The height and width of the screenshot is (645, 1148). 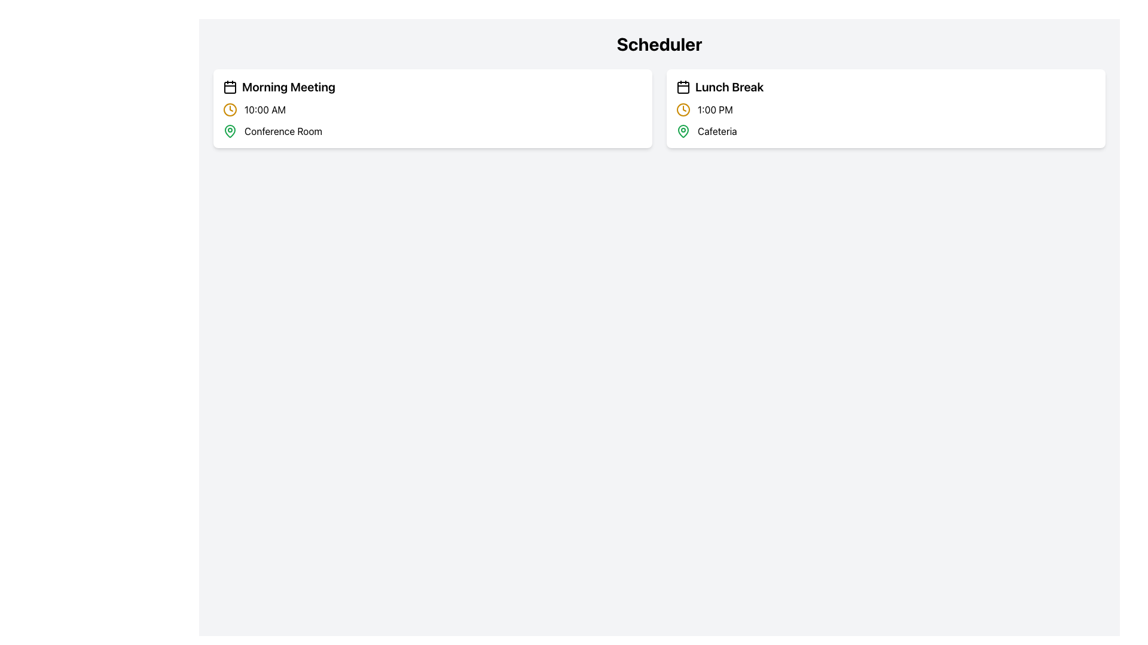 I want to click on the Information Card displaying 'Morning Meeting' with icons for a calendar, clock, and location pin, located in the top-left section of the grid layout, so click(x=432, y=108).